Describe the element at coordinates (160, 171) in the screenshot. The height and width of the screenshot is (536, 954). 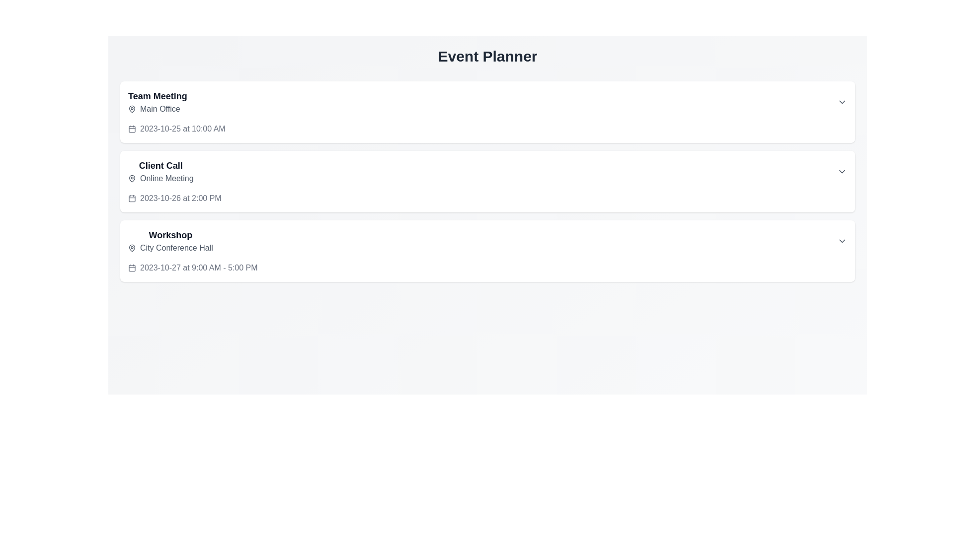
I see `the text label that provides essential details about a scheduled event, specifically its title and meeting format, located between 'Team Meeting' and 'Workshop'` at that location.